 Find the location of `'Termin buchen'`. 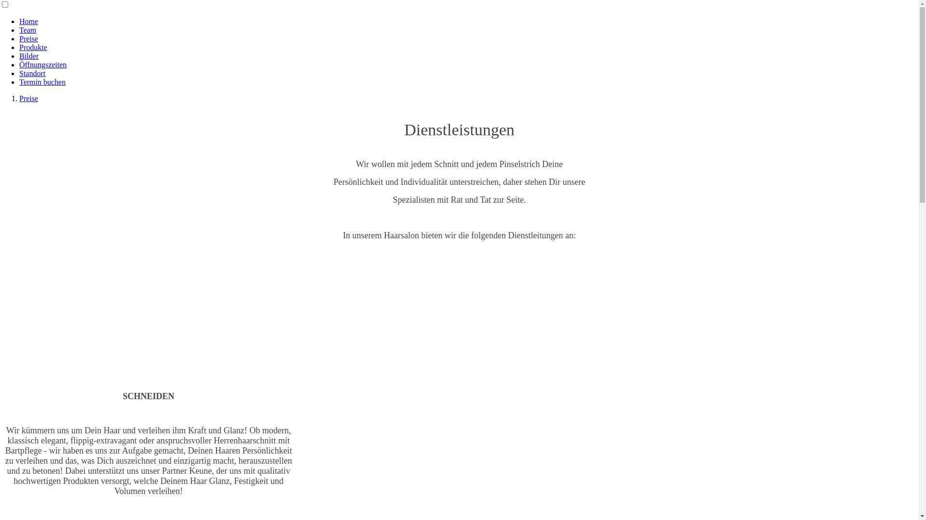

'Termin buchen' is located at coordinates (41, 81).